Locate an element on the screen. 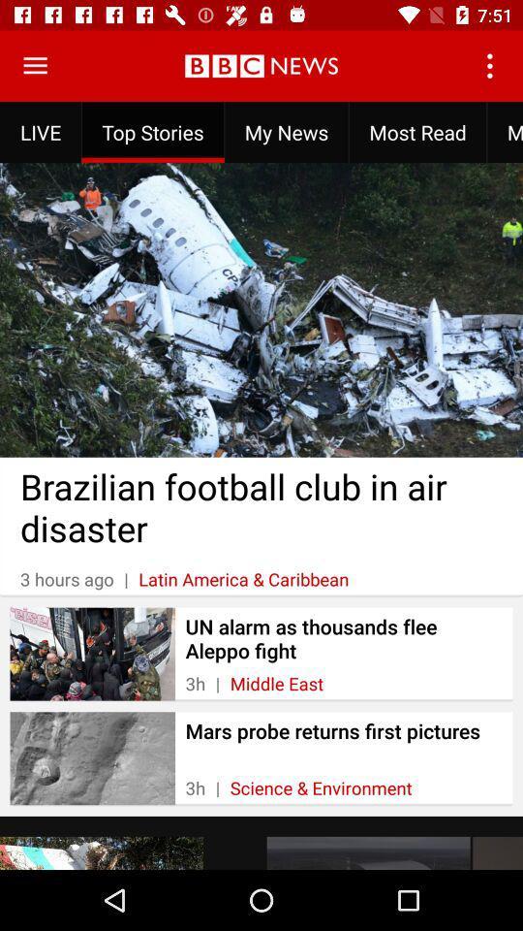 Image resolution: width=523 pixels, height=931 pixels. the most watched icon is located at coordinates (505, 131).